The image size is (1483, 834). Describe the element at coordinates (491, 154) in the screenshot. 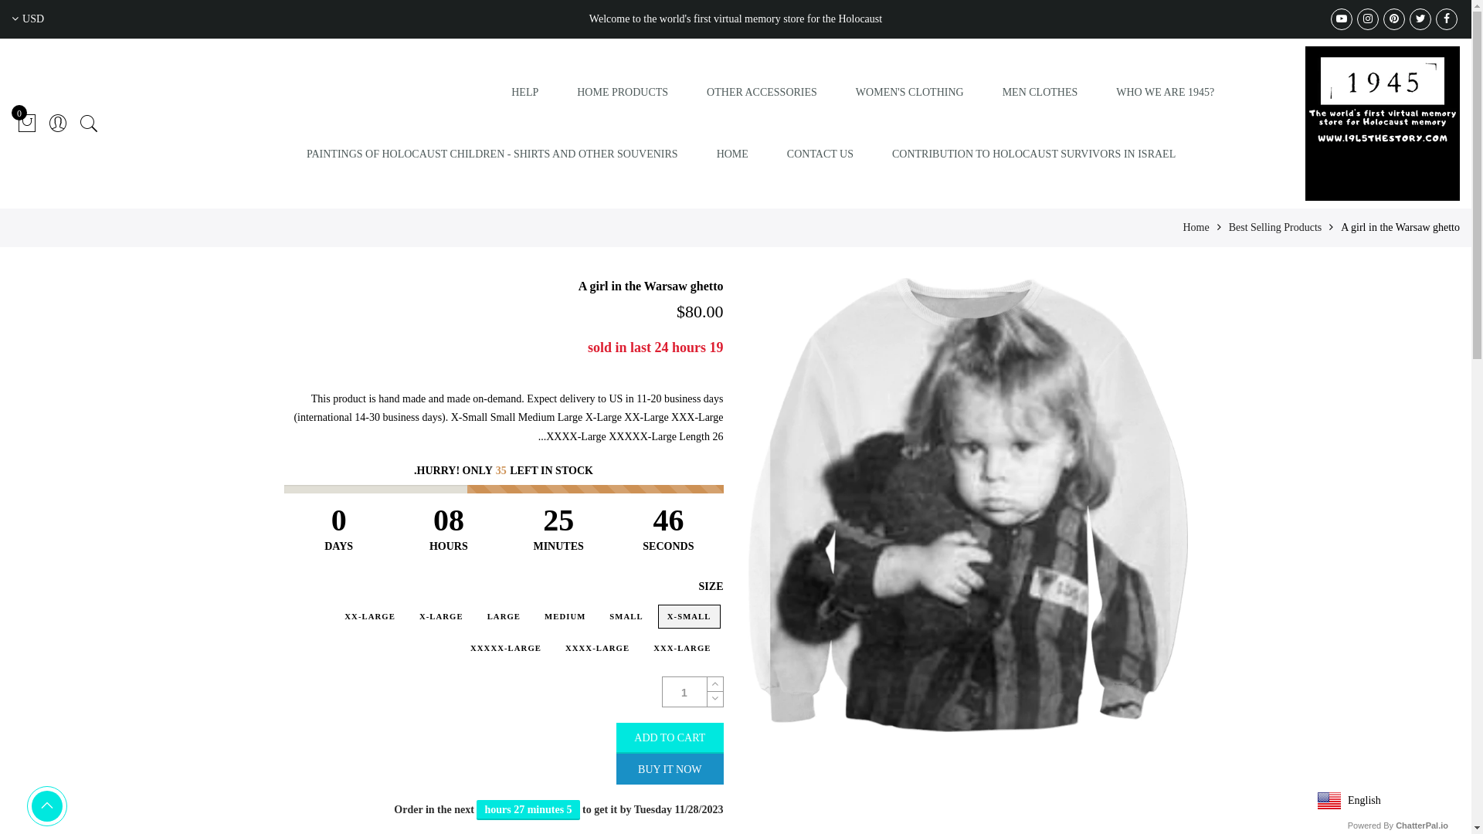

I see `'PAINTINGS OF HOLOCAUST CHILDREN - SHIRTS AND OTHER SOUVENIRS'` at that location.